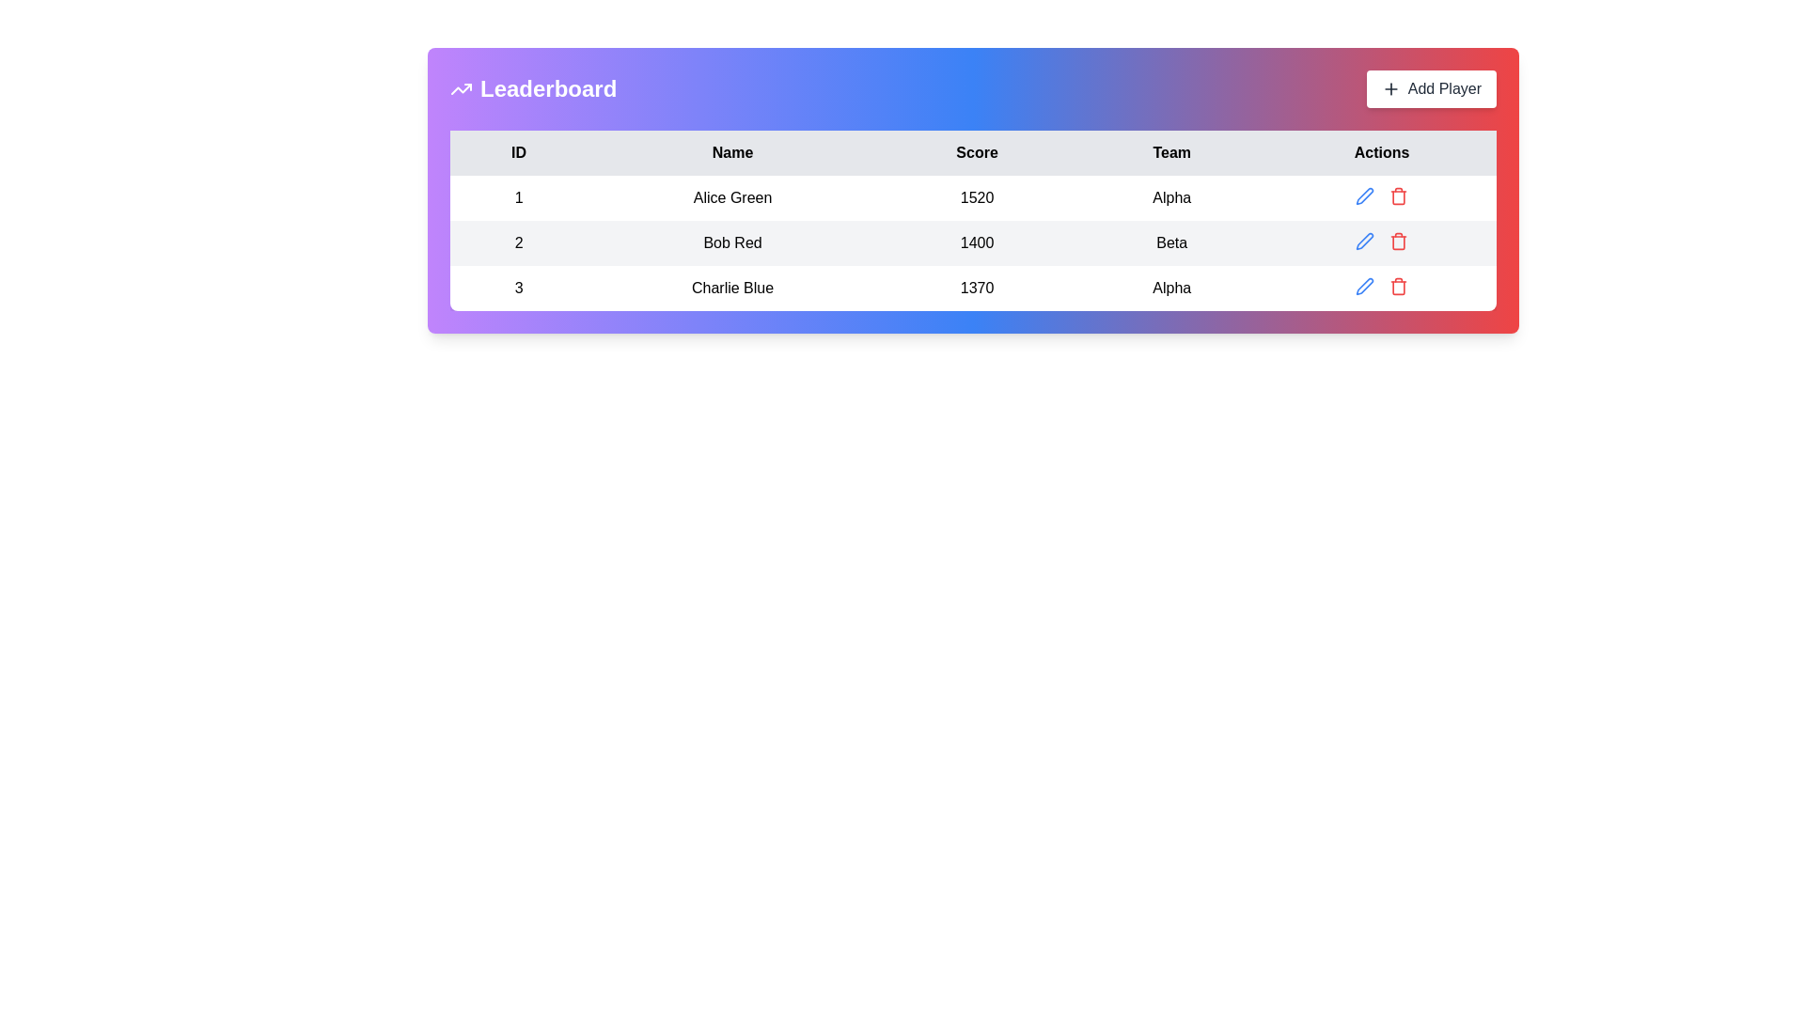 The width and height of the screenshot is (1805, 1015). What do you see at coordinates (519, 289) in the screenshot?
I see `the static text element that serves as an identifier for the corresponding row entry in the leaderboard table, located in the first column of the third row under the 'ID' column header` at bounding box center [519, 289].